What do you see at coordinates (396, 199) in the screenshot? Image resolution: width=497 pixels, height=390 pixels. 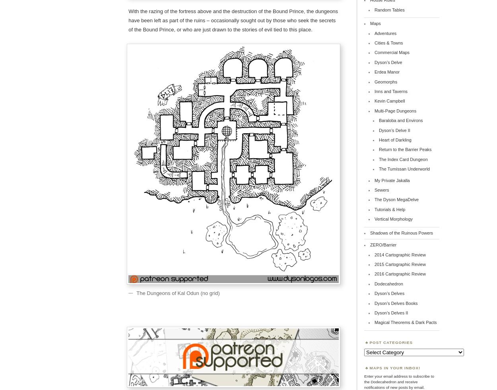 I see `'The Dyson MegaDelve'` at bounding box center [396, 199].